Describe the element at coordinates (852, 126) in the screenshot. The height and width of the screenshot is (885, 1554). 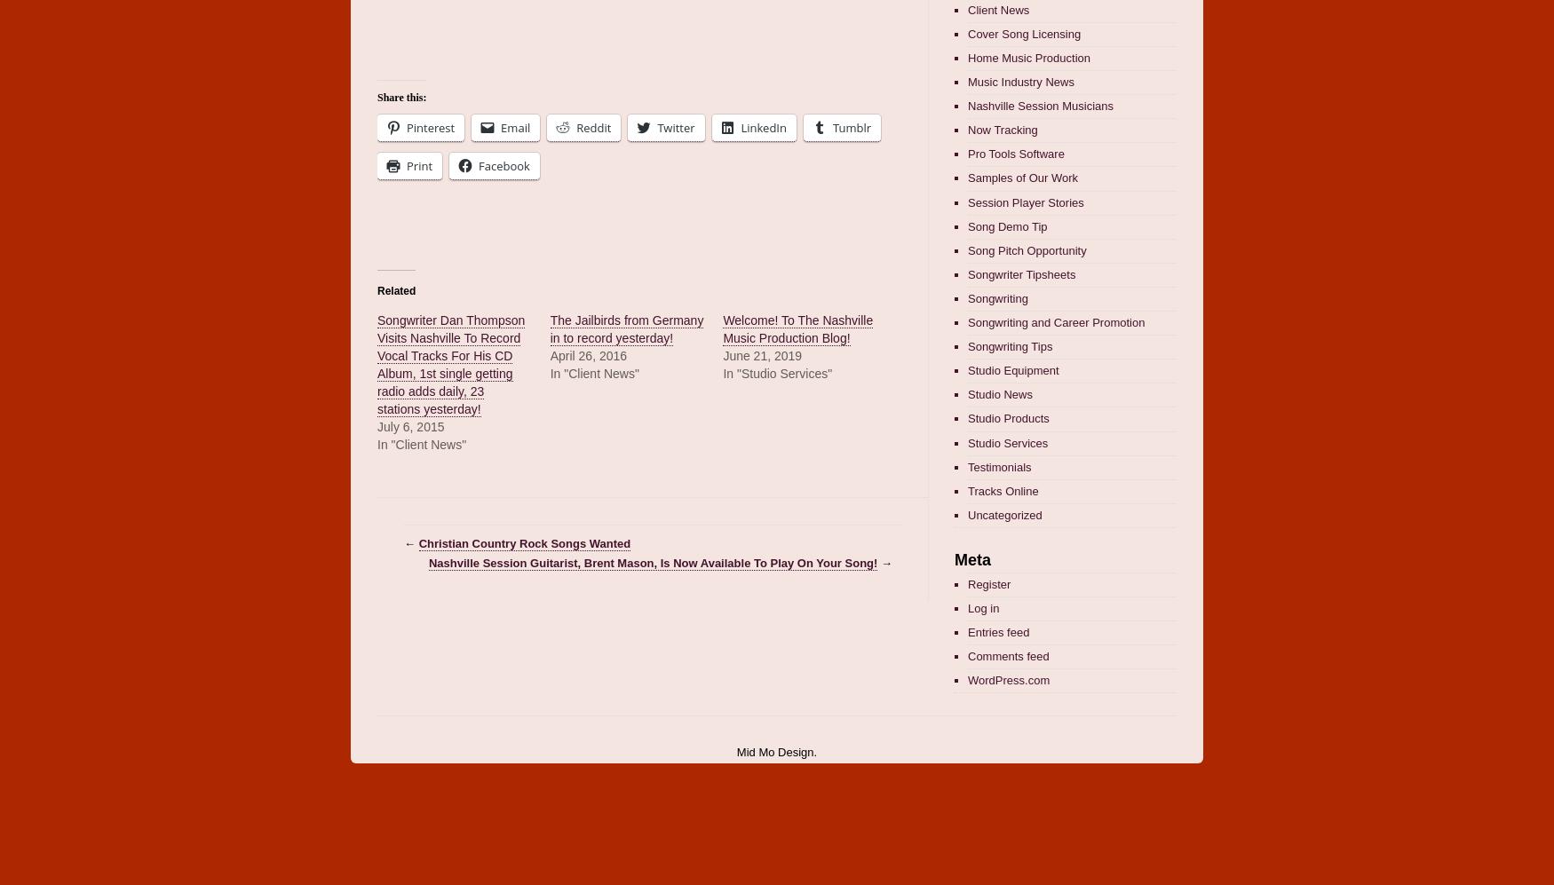
I see `'Tumblr'` at that location.